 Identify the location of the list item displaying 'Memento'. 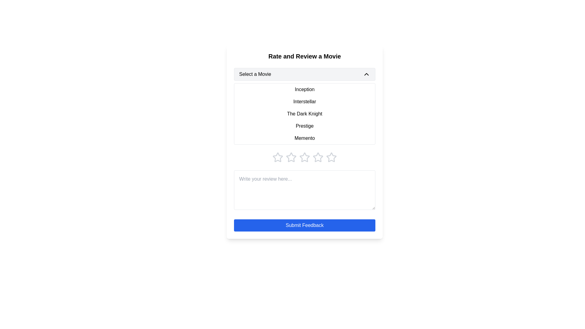
(304, 138).